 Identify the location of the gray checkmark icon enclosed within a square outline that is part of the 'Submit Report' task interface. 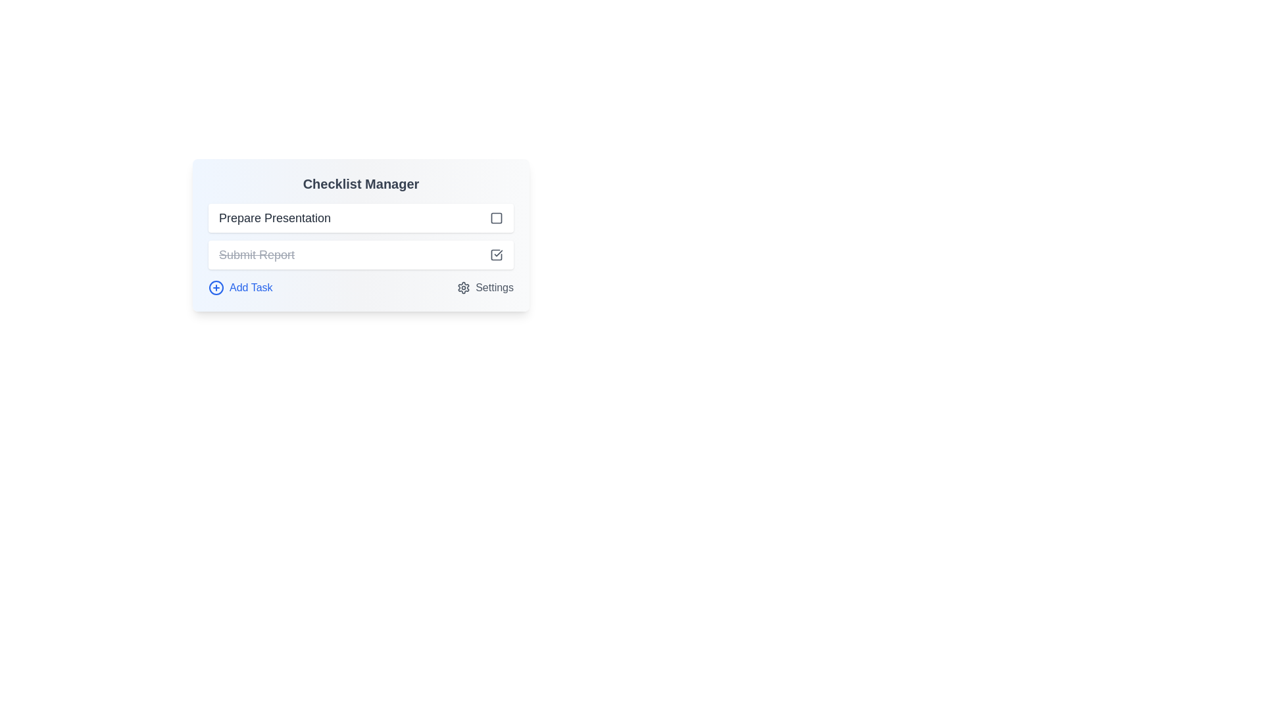
(495, 255).